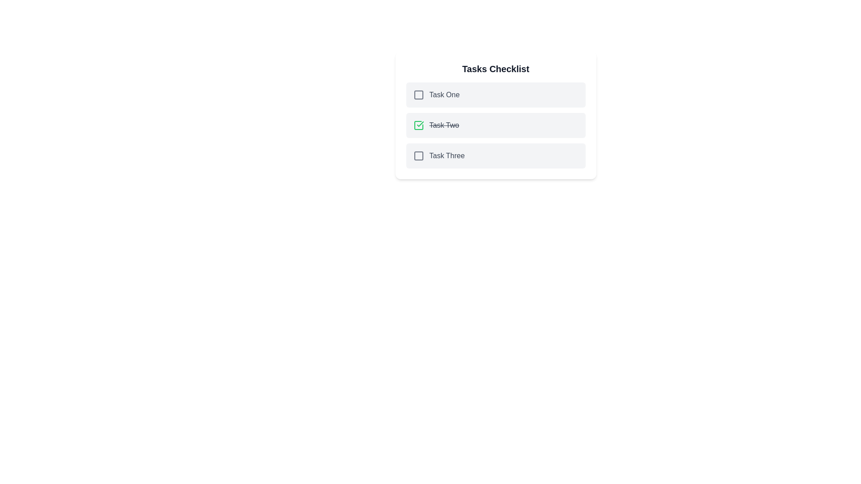  I want to click on the text label displaying the title 'Task Two', which is styled with a strikethrough and is positioned between the checkbox and the right edge of the list item, so click(444, 125).